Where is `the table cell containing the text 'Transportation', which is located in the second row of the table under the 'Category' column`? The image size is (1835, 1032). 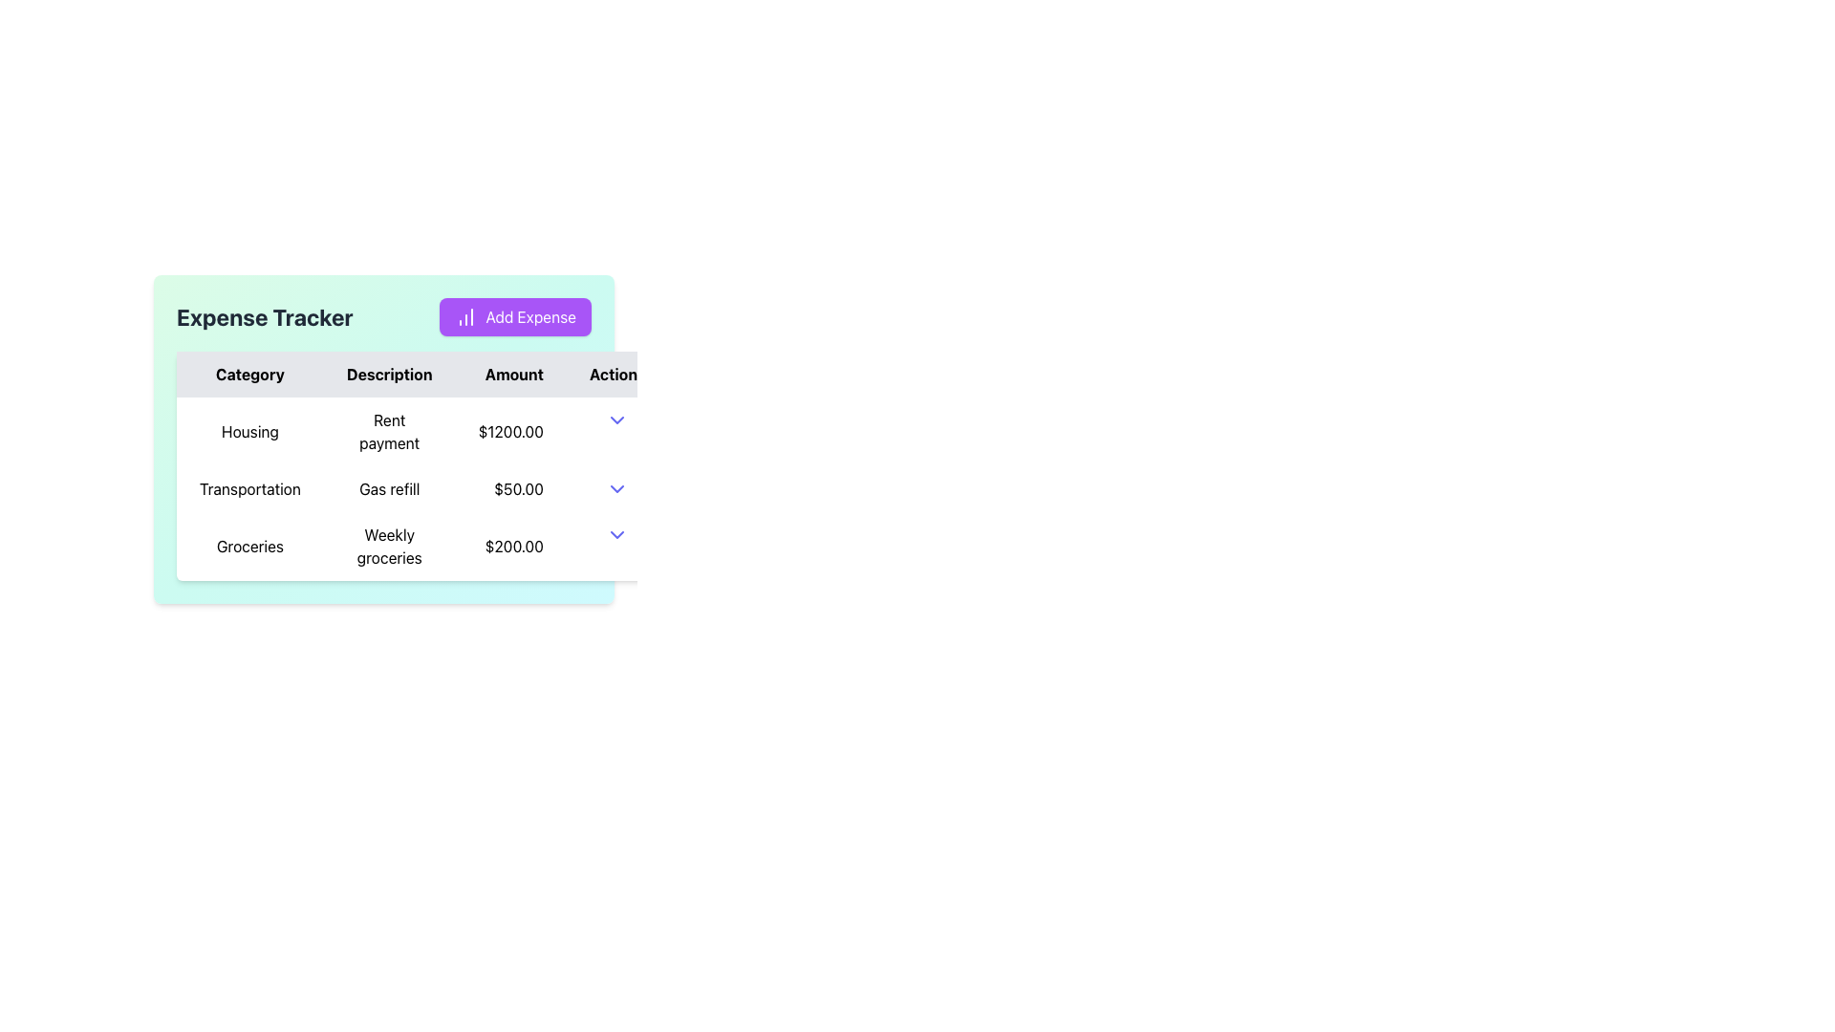 the table cell containing the text 'Transportation', which is located in the second row of the table under the 'Category' column is located at coordinates (248, 488).